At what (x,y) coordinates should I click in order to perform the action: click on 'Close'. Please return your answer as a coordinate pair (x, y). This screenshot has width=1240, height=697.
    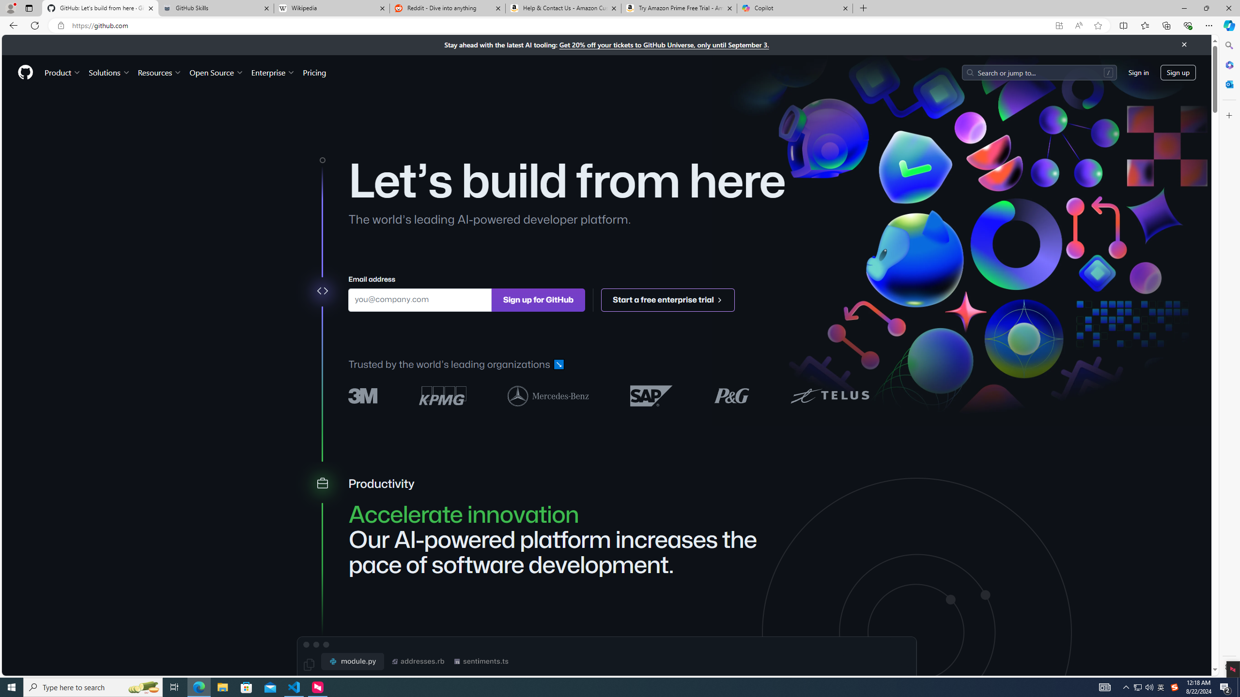
    Looking at the image, I should click on (1183, 44).